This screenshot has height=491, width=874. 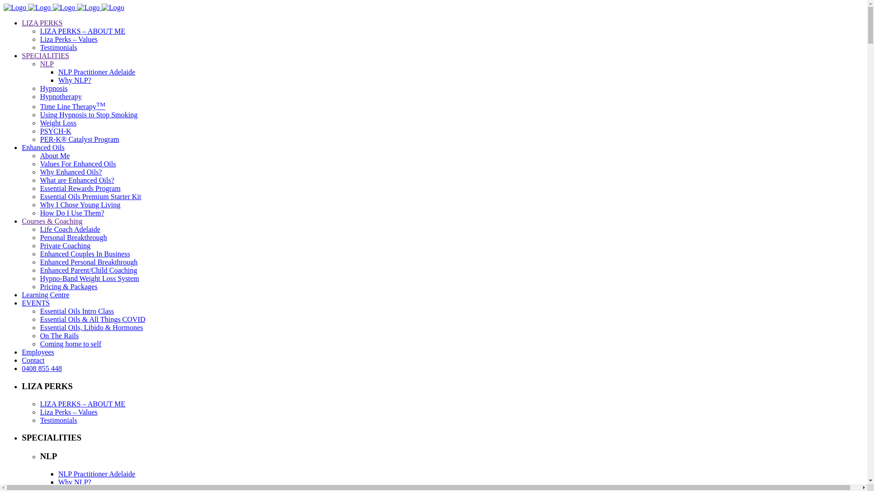 What do you see at coordinates (33, 360) in the screenshot?
I see `'Contact'` at bounding box center [33, 360].